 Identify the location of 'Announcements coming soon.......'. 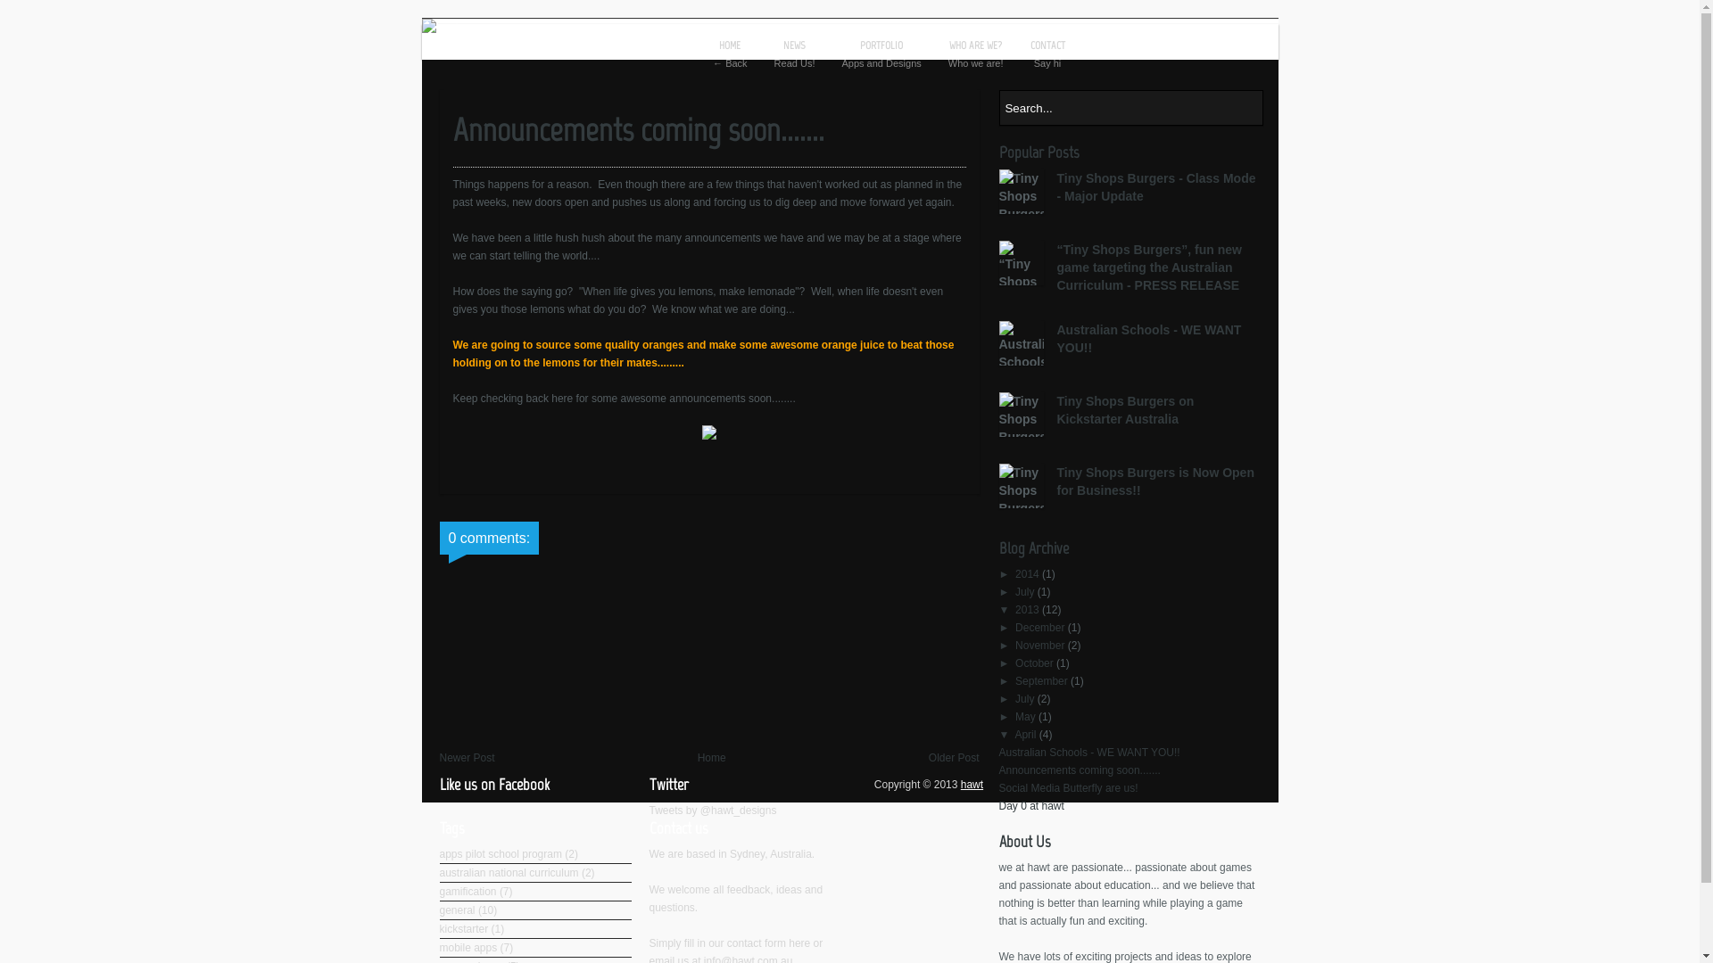
(1079, 770).